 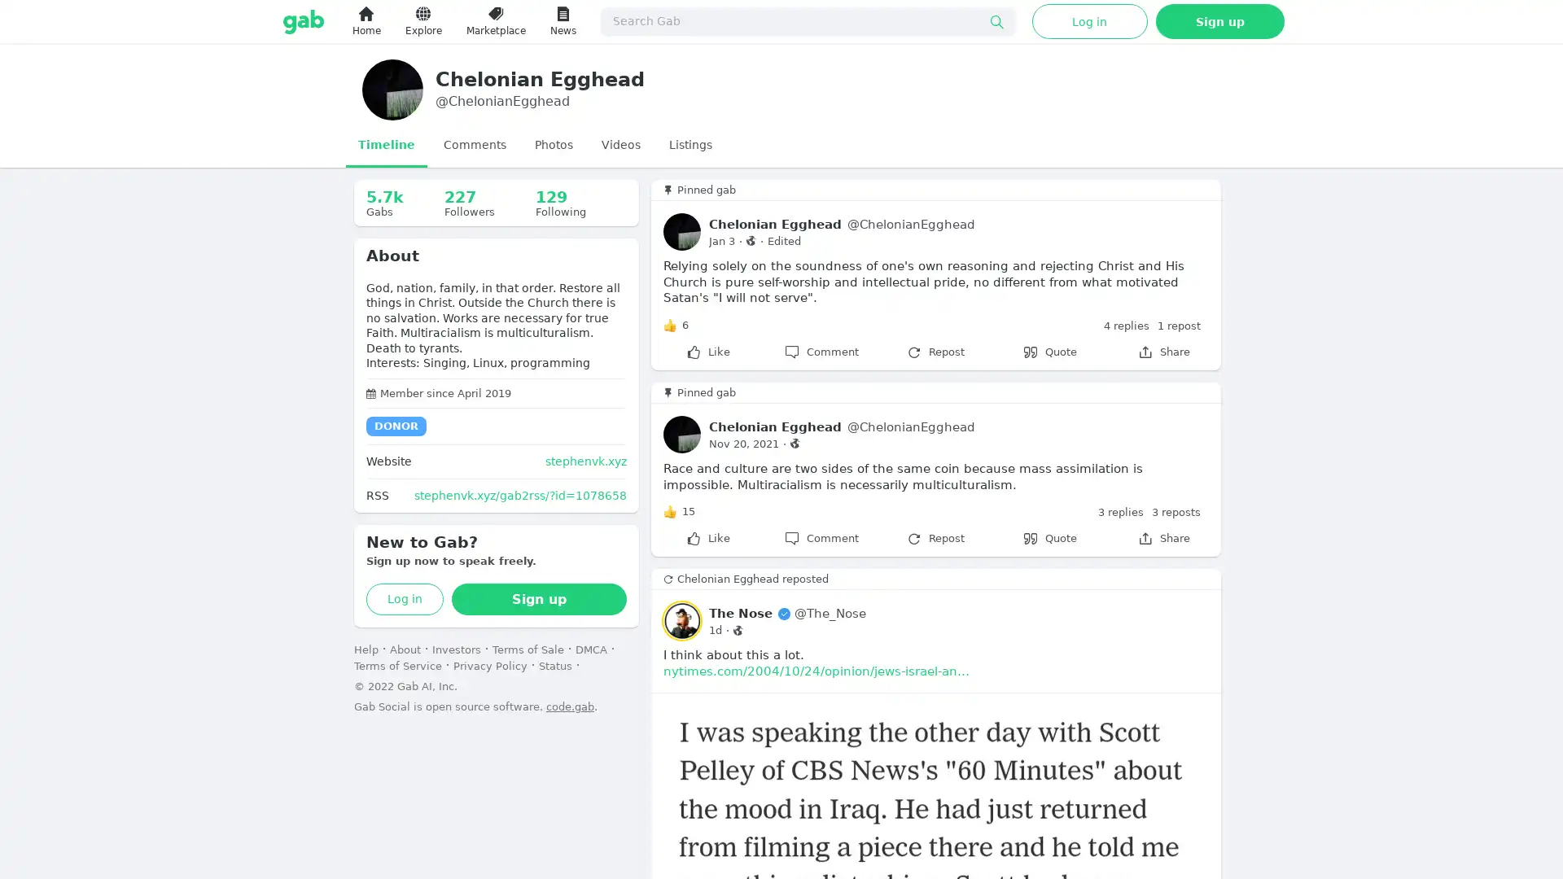 What do you see at coordinates (707, 351) in the screenshot?
I see `Like` at bounding box center [707, 351].